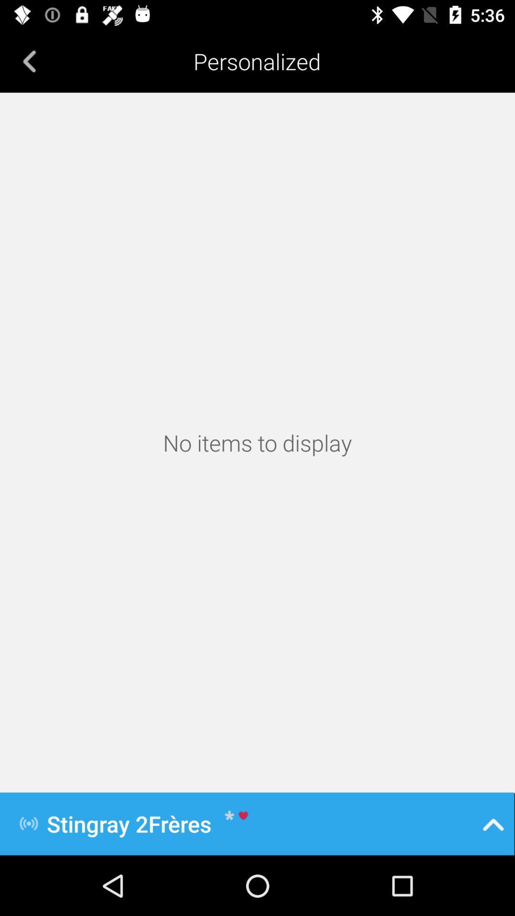  What do you see at coordinates (493, 823) in the screenshot?
I see `the expand_less icon` at bounding box center [493, 823].